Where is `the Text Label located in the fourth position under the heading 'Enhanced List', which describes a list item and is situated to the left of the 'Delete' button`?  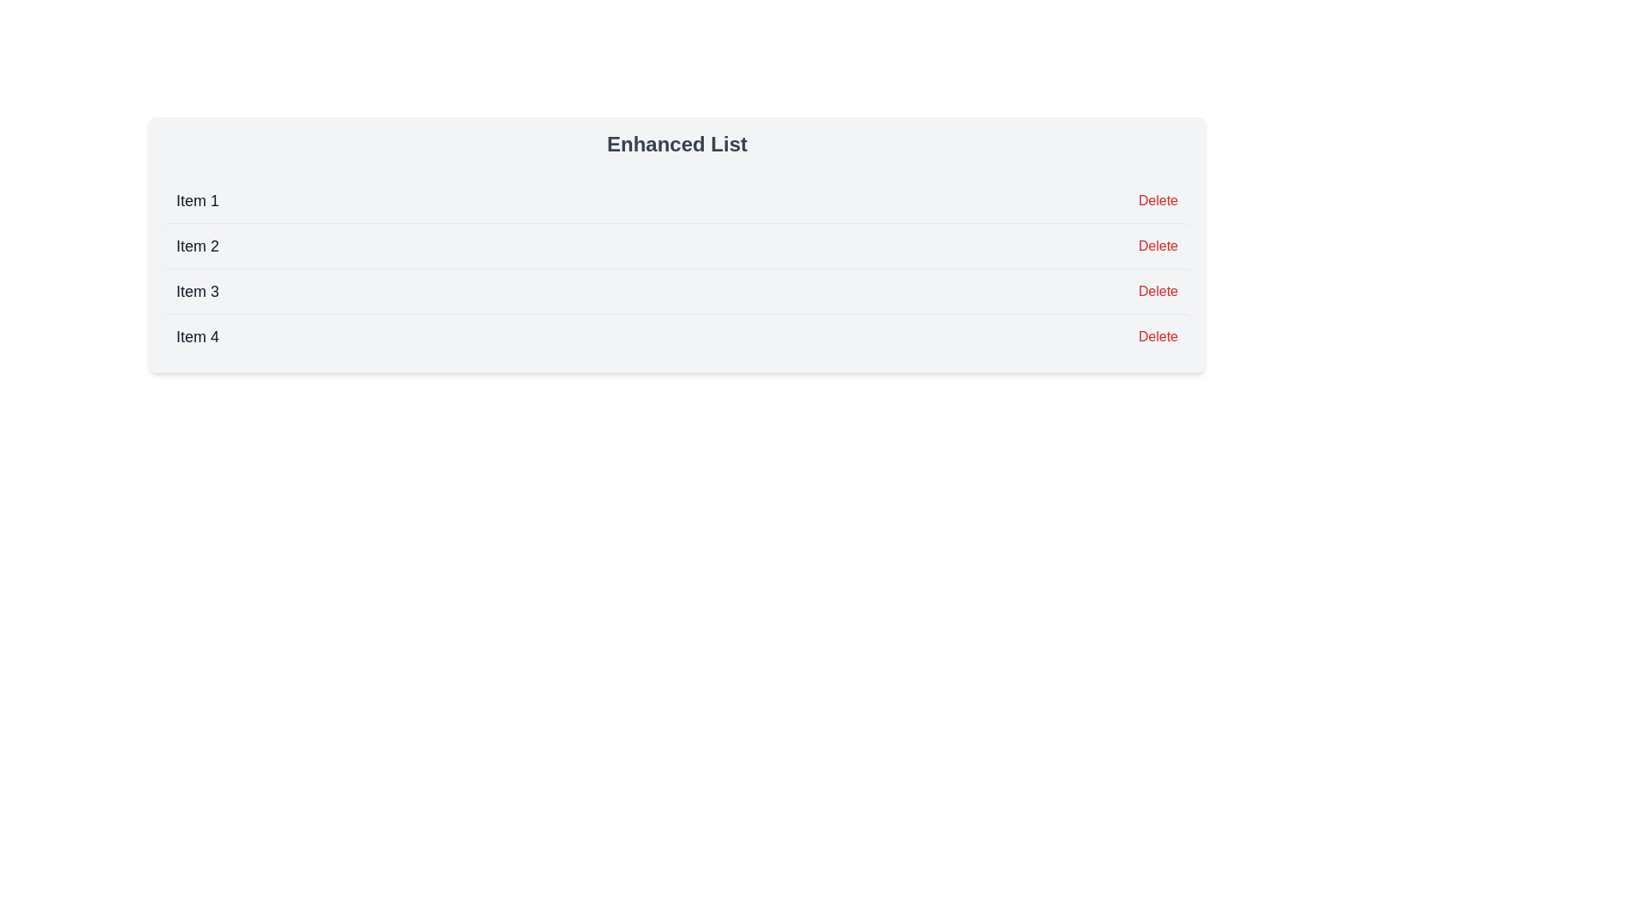 the Text Label located in the fourth position under the heading 'Enhanced List', which describes a list item and is situated to the left of the 'Delete' button is located at coordinates (197, 336).